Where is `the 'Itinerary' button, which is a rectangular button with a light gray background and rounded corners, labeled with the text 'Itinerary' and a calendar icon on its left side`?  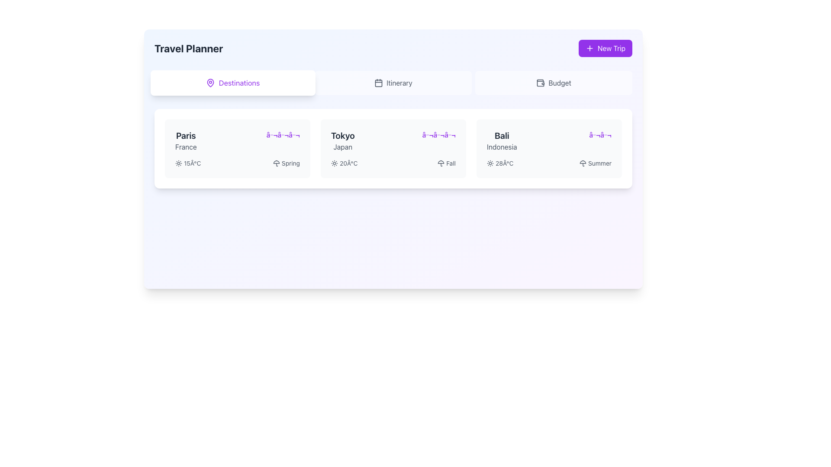
the 'Itinerary' button, which is a rectangular button with a light gray background and rounded corners, labeled with the text 'Itinerary' and a calendar icon on its left side is located at coordinates (393, 83).